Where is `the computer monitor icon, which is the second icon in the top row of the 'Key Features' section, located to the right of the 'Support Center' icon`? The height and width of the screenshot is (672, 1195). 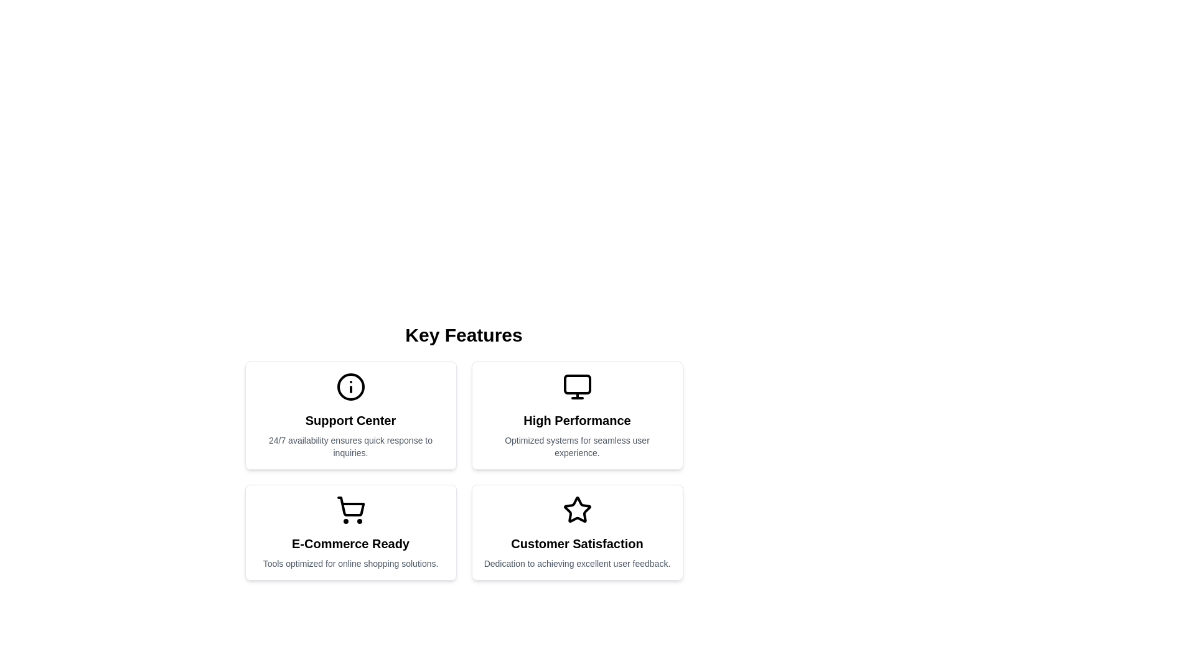
the computer monitor icon, which is the second icon in the top row of the 'Key Features' section, located to the right of the 'Support Center' icon is located at coordinates (576, 386).